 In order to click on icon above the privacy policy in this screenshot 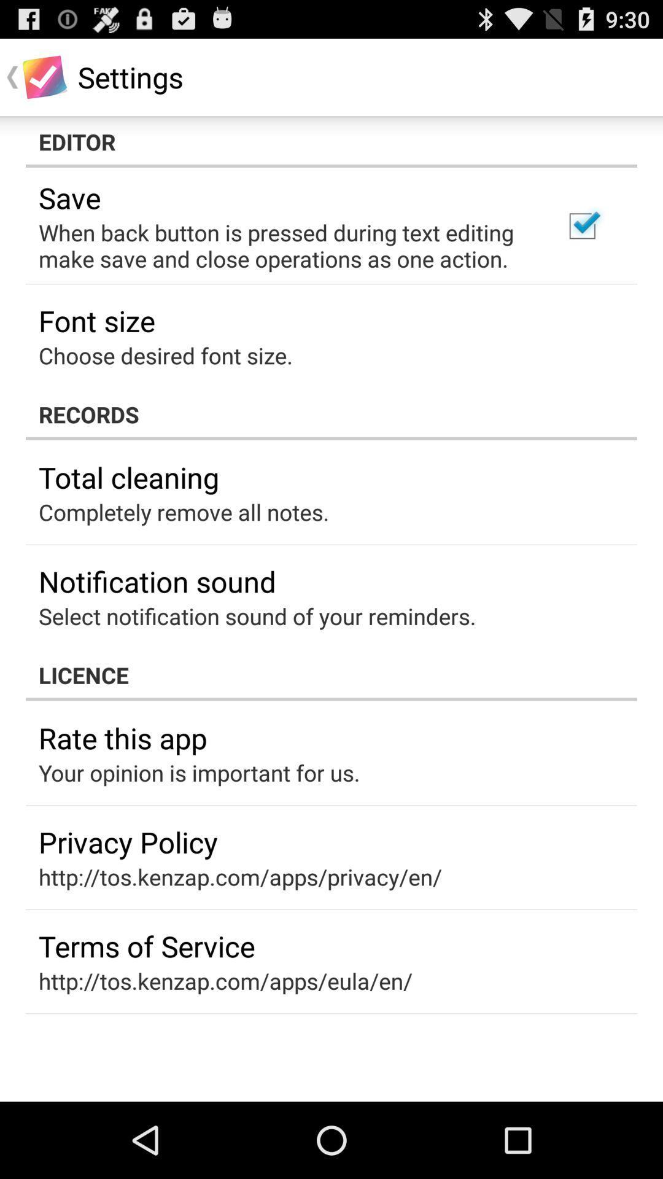, I will do `click(198, 772)`.